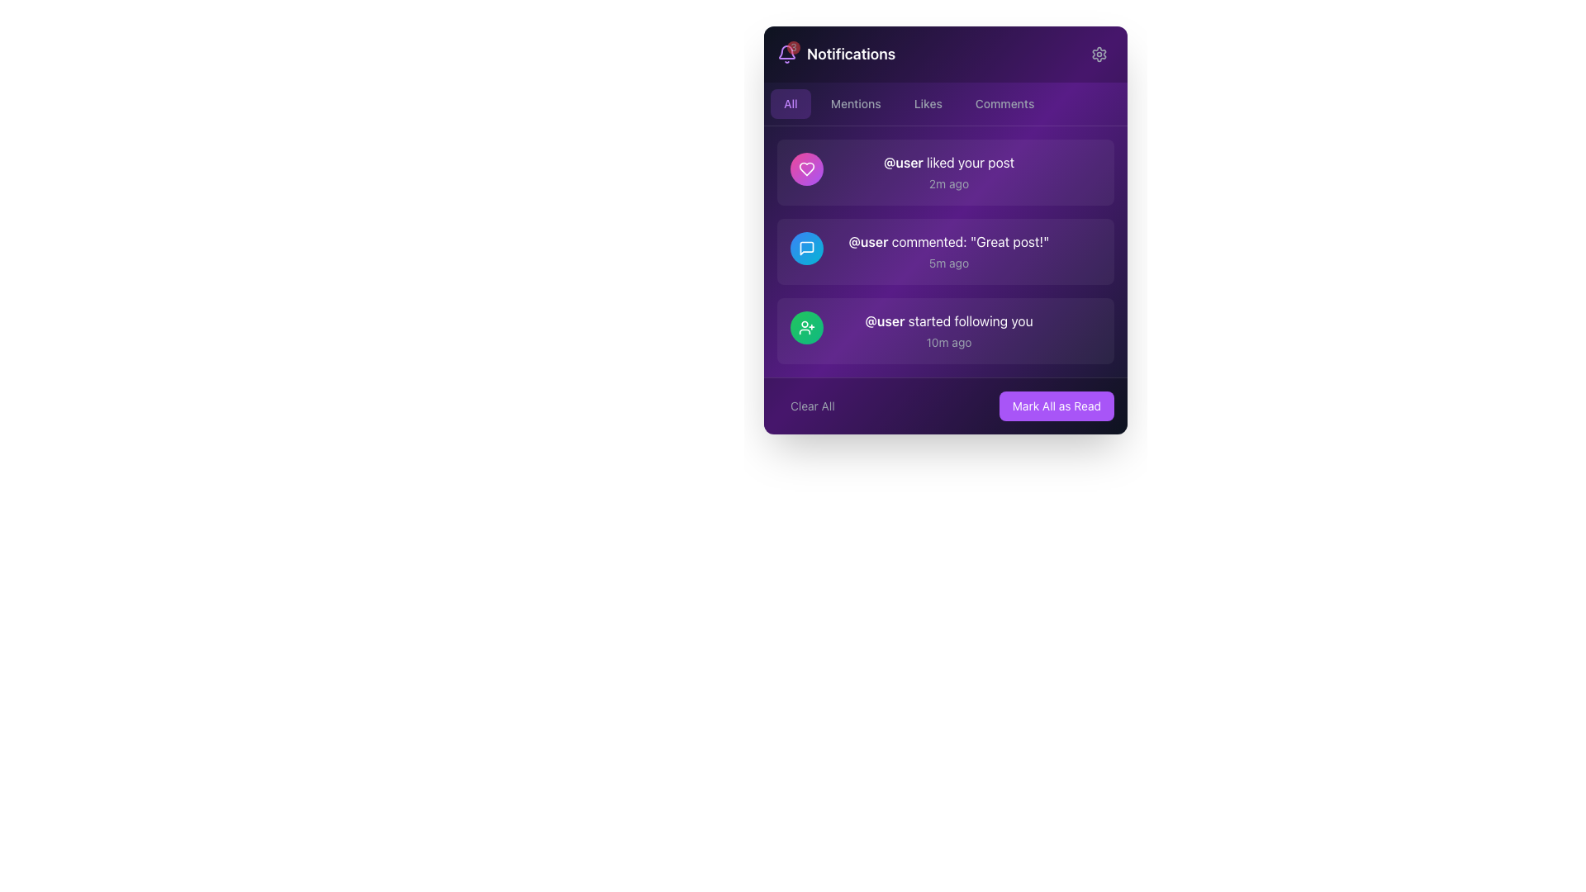 The width and height of the screenshot is (1586, 892). What do you see at coordinates (812, 406) in the screenshot?
I see `the 'Clear All' button, which is a text-based button styled in gray that highlights white on hover, located at the bottom left of the notification menu interface` at bounding box center [812, 406].